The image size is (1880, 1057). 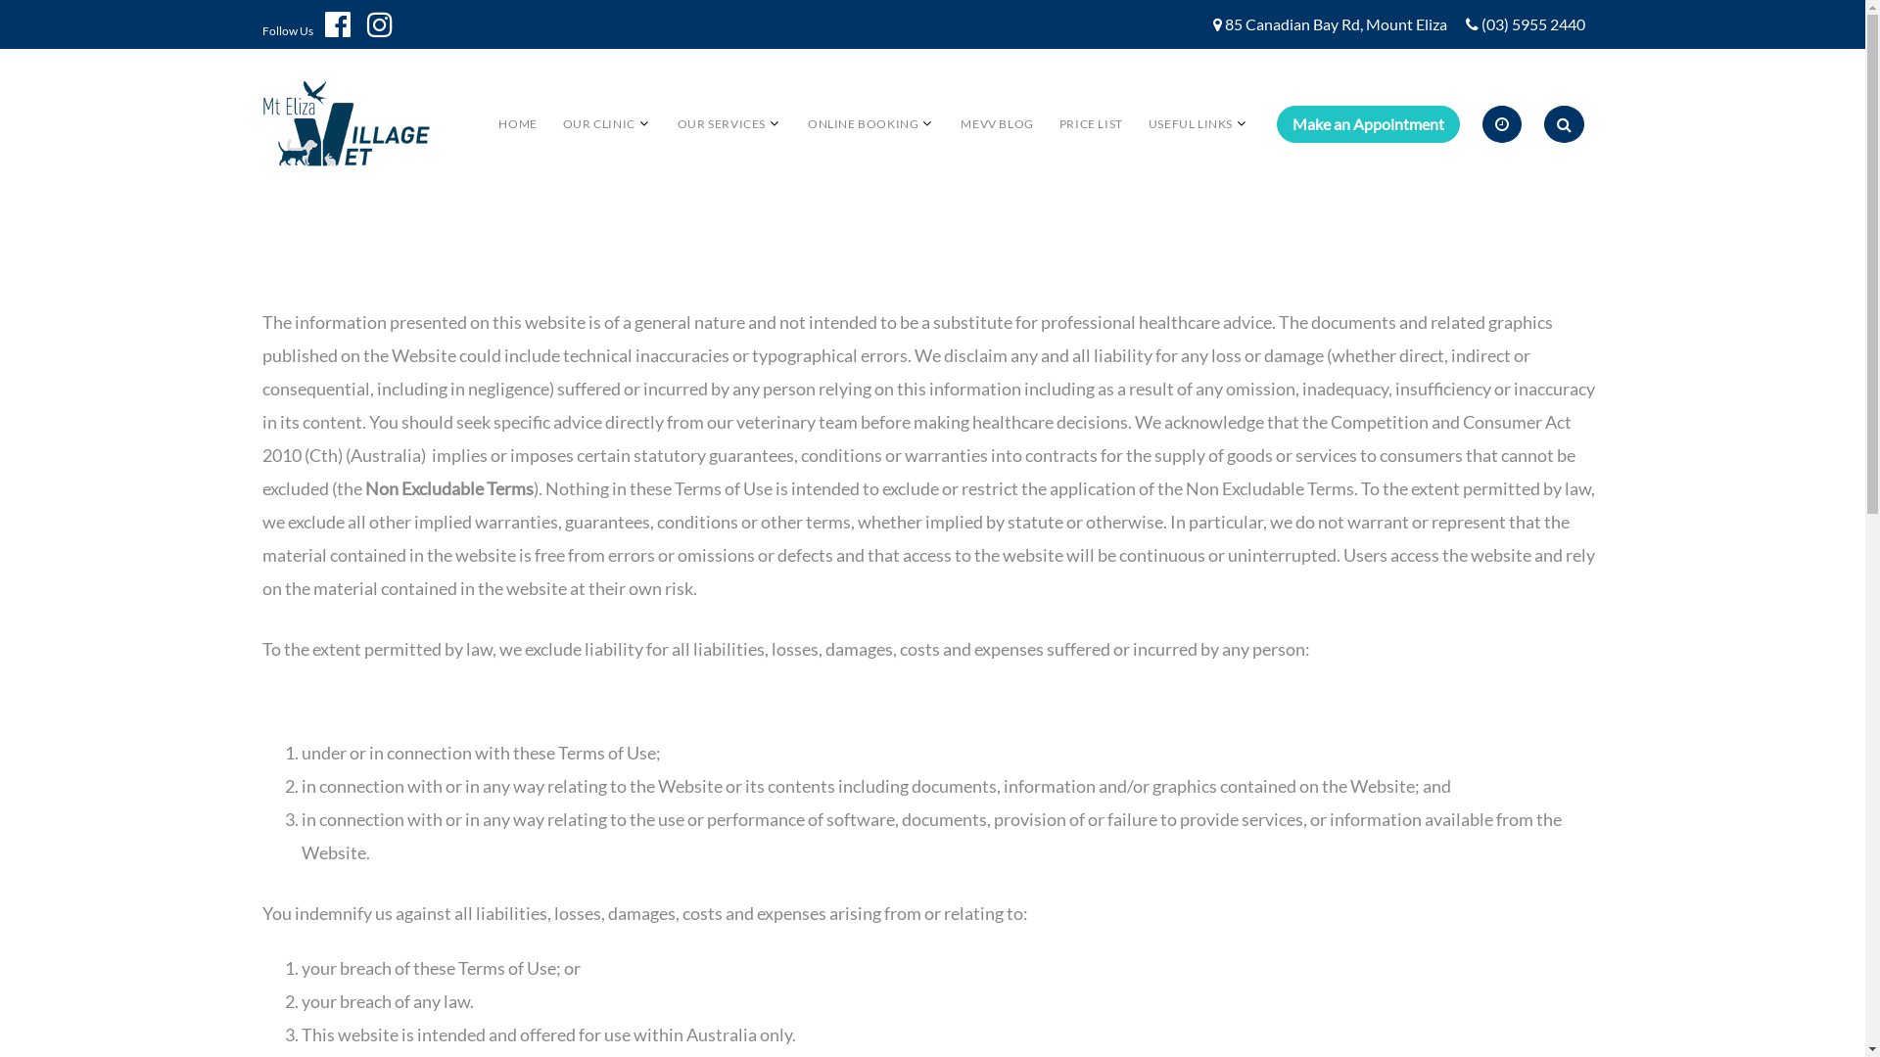 I want to click on 'Make an Appointment', so click(x=1367, y=124).